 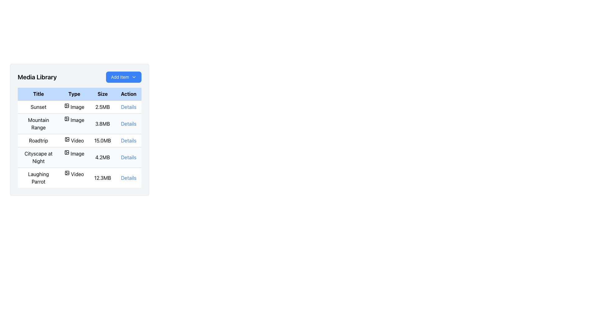 What do you see at coordinates (128, 94) in the screenshot?
I see `the text label 'Action' which is the fourth column header in the table, styled in bold font on a light blue background` at bounding box center [128, 94].